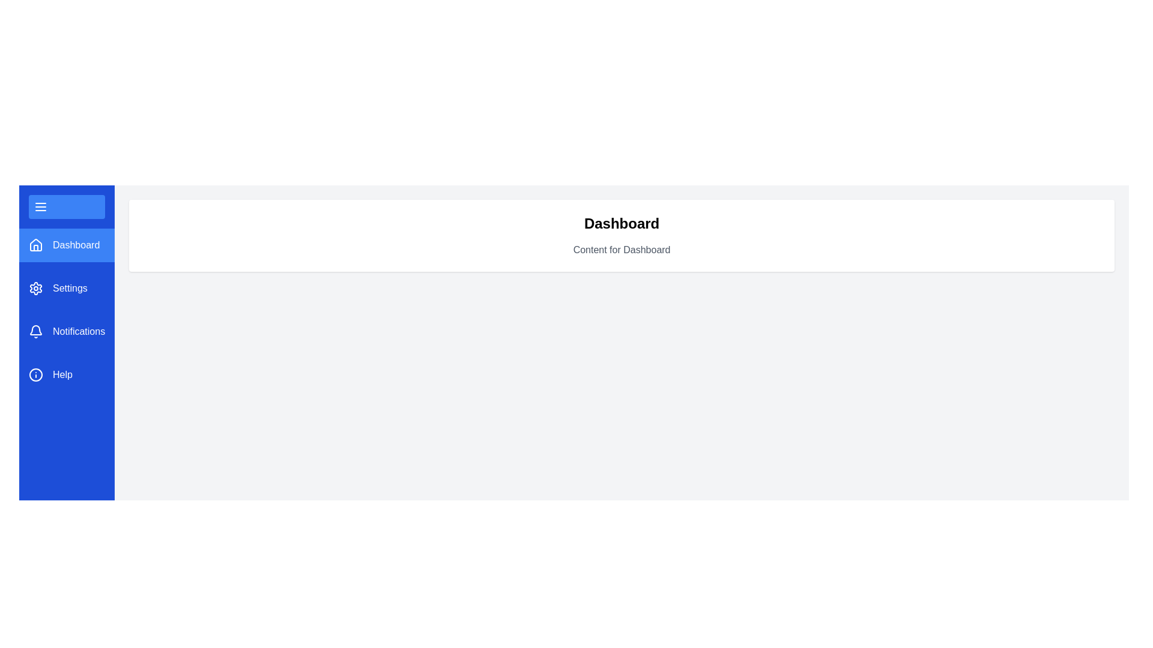  I want to click on the 'Notifications' menu item, which features a bell-shaped icon and is styled in white against a blue background, located as the third item in the left-side navigation bar, so click(66, 331).